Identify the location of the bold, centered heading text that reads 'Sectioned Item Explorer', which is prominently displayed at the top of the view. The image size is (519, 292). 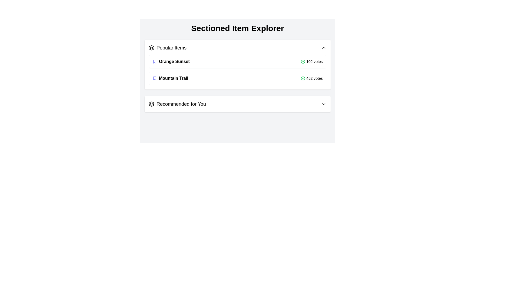
(237, 28).